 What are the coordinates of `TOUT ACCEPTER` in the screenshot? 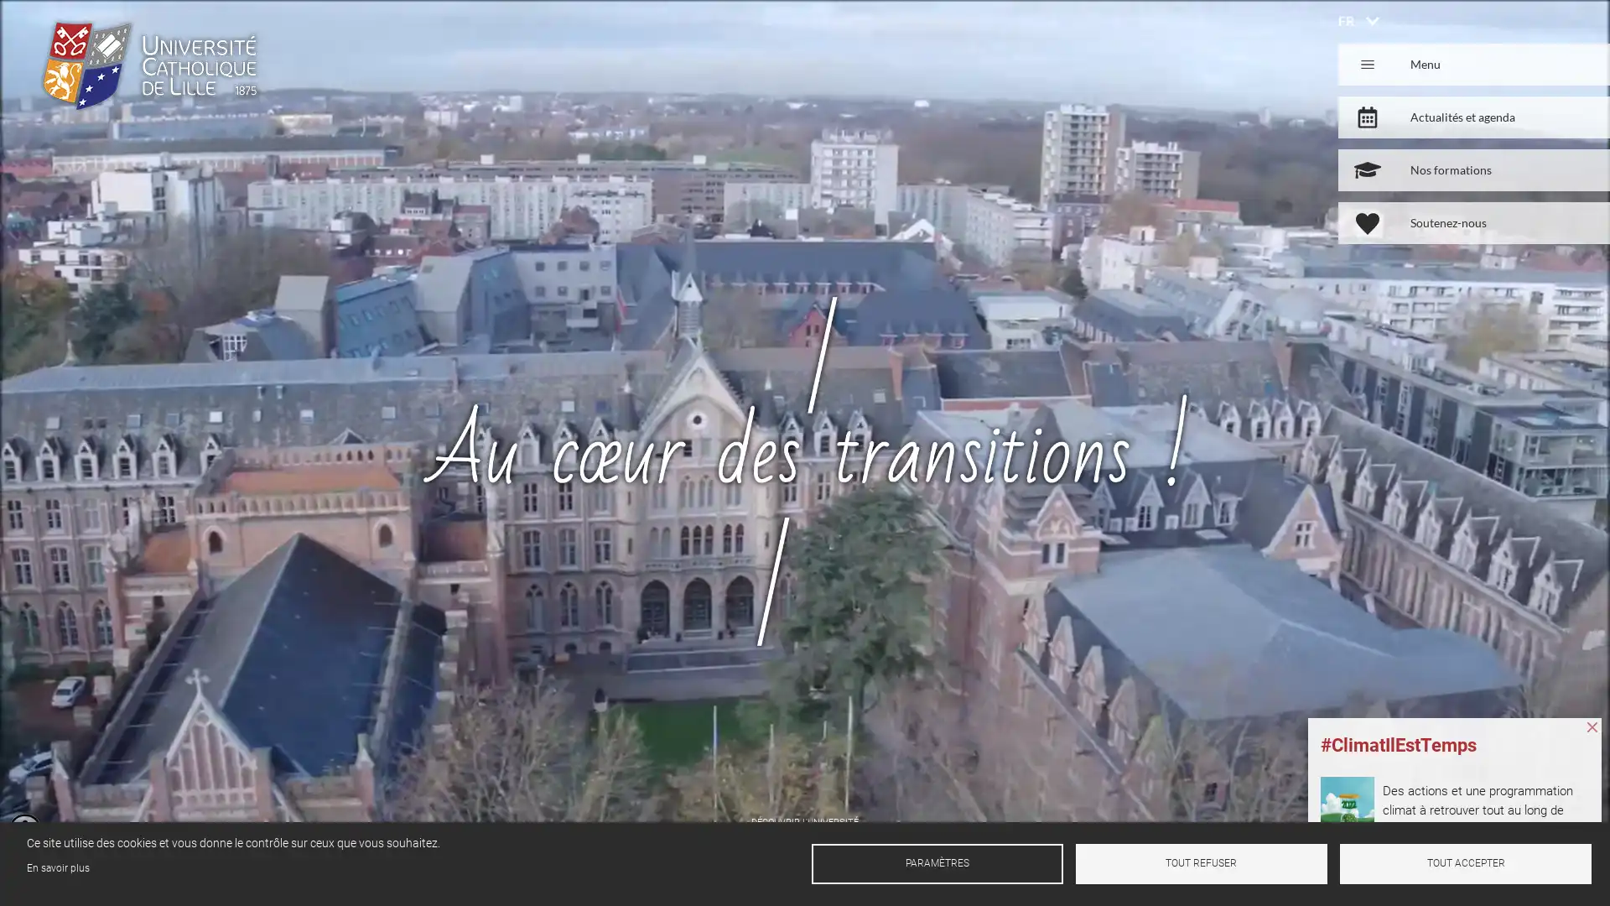 It's located at (1464, 863).